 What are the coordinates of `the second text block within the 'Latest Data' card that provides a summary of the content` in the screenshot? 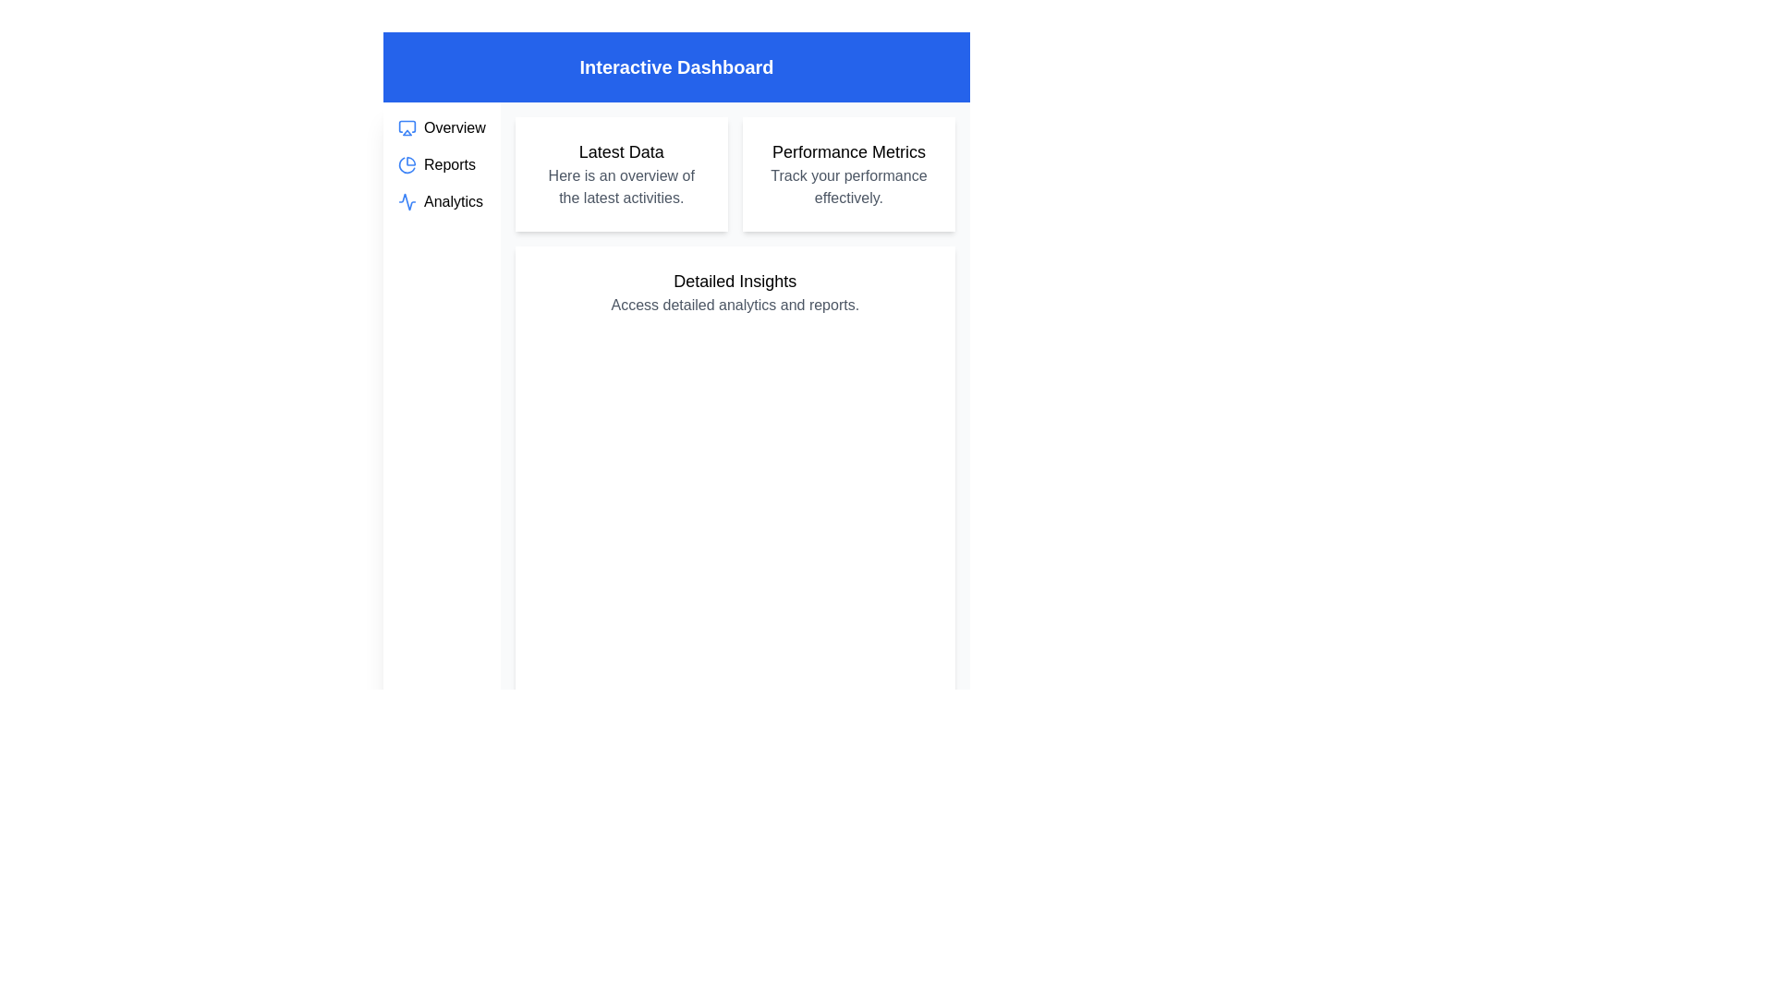 It's located at (621, 187).